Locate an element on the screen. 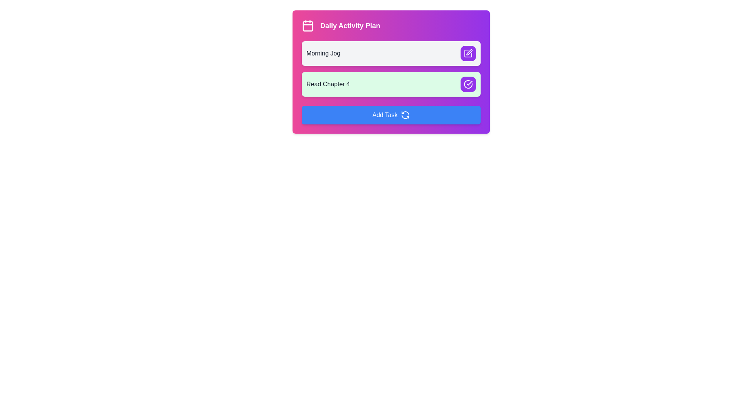 The image size is (740, 416). the icon button with a purple background and a white pencil symbol is located at coordinates (469, 52).